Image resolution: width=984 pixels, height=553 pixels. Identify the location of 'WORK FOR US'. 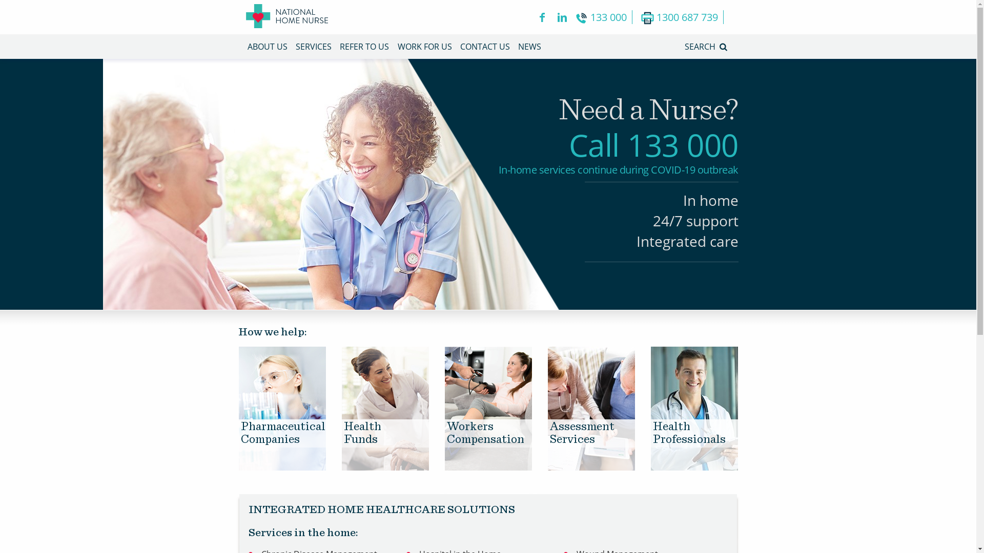
(397, 47).